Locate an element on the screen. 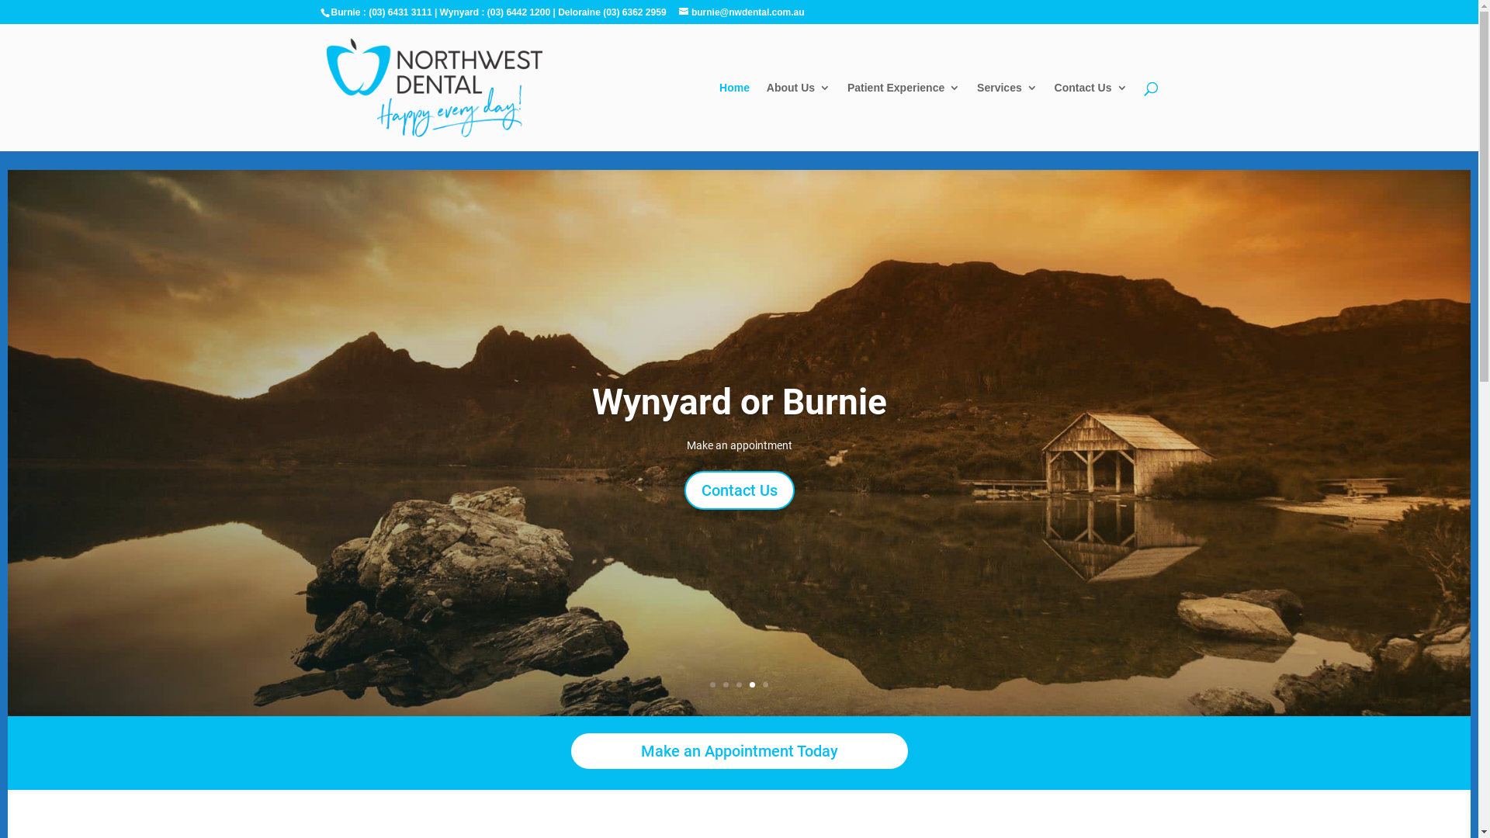  '2' is located at coordinates (722, 684).